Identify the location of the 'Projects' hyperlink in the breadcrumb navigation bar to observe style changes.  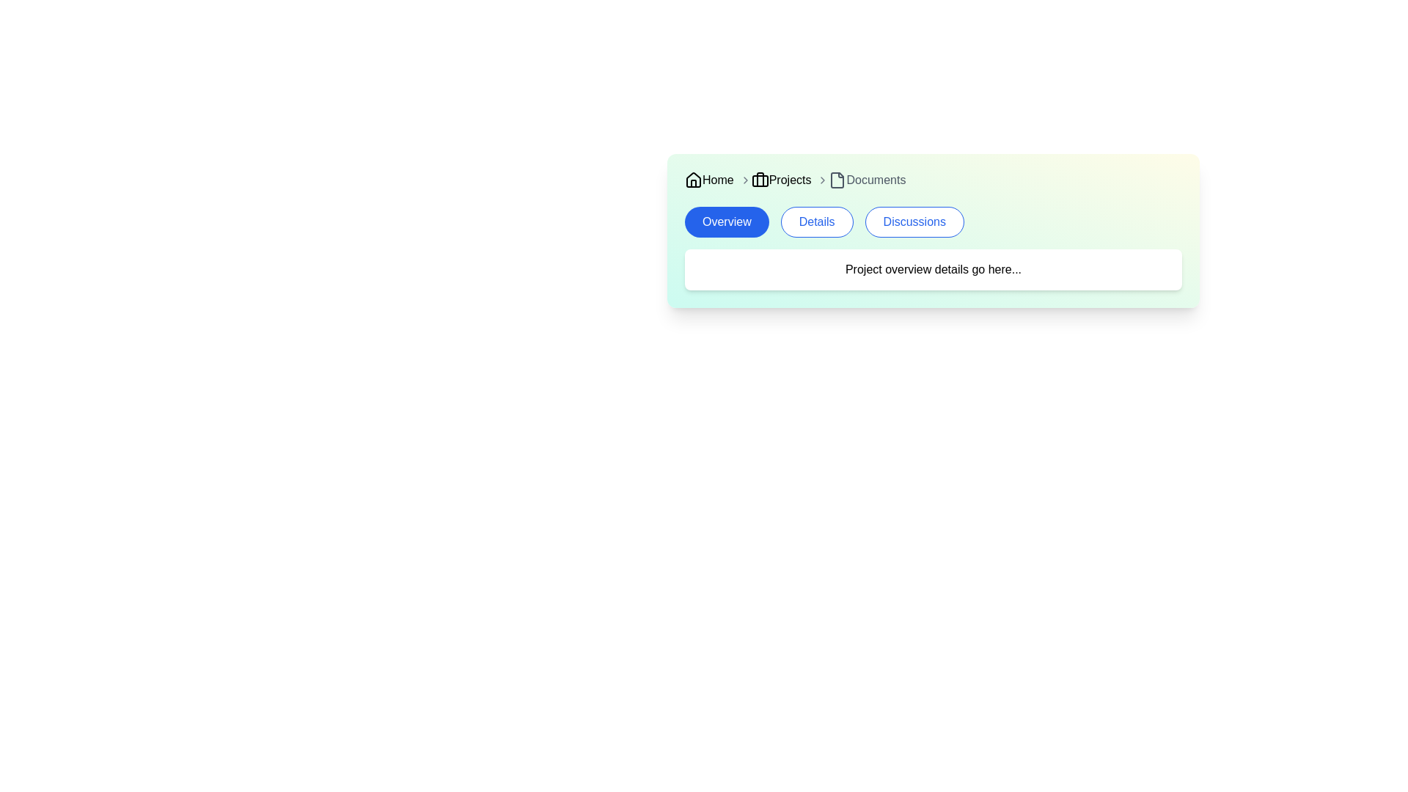
(780, 180).